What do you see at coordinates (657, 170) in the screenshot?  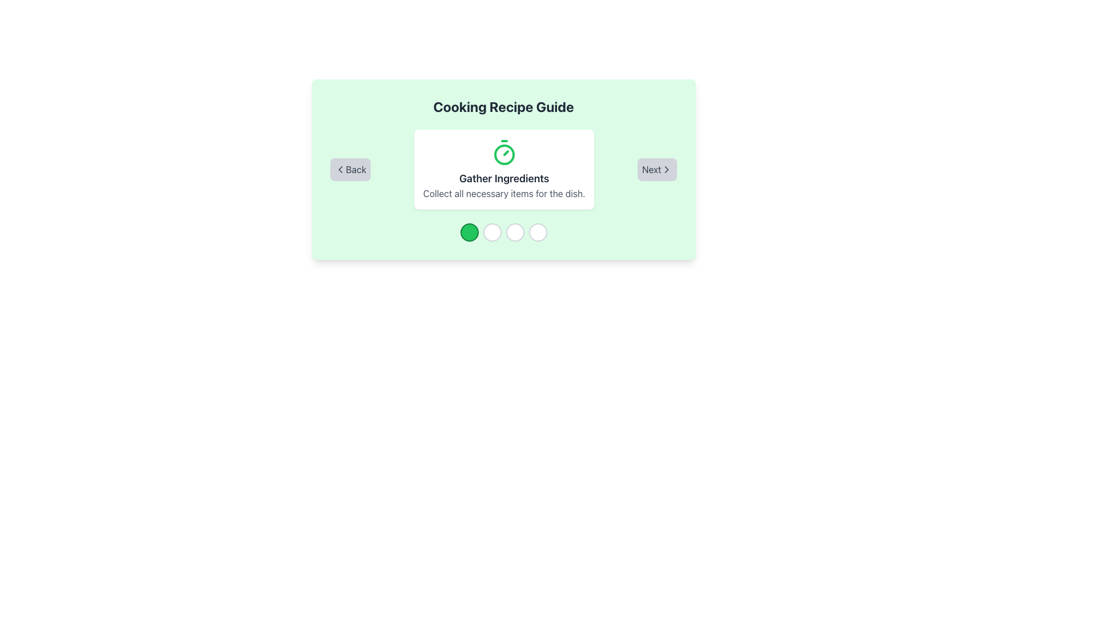 I see `the navigation button located at the bottom right corner of the centered card to proceed to the next step or page` at bounding box center [657, 170].